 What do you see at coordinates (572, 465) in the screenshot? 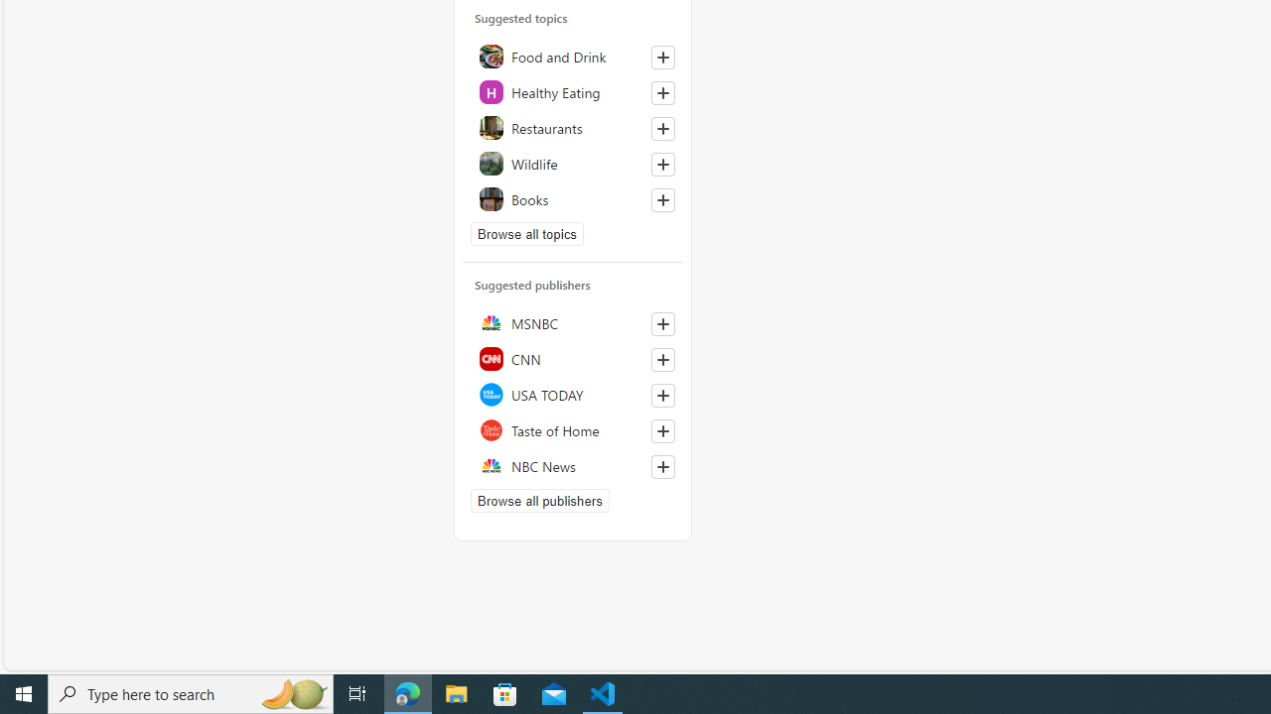
I see `'NBC News'` at bounding box center [572, 465].